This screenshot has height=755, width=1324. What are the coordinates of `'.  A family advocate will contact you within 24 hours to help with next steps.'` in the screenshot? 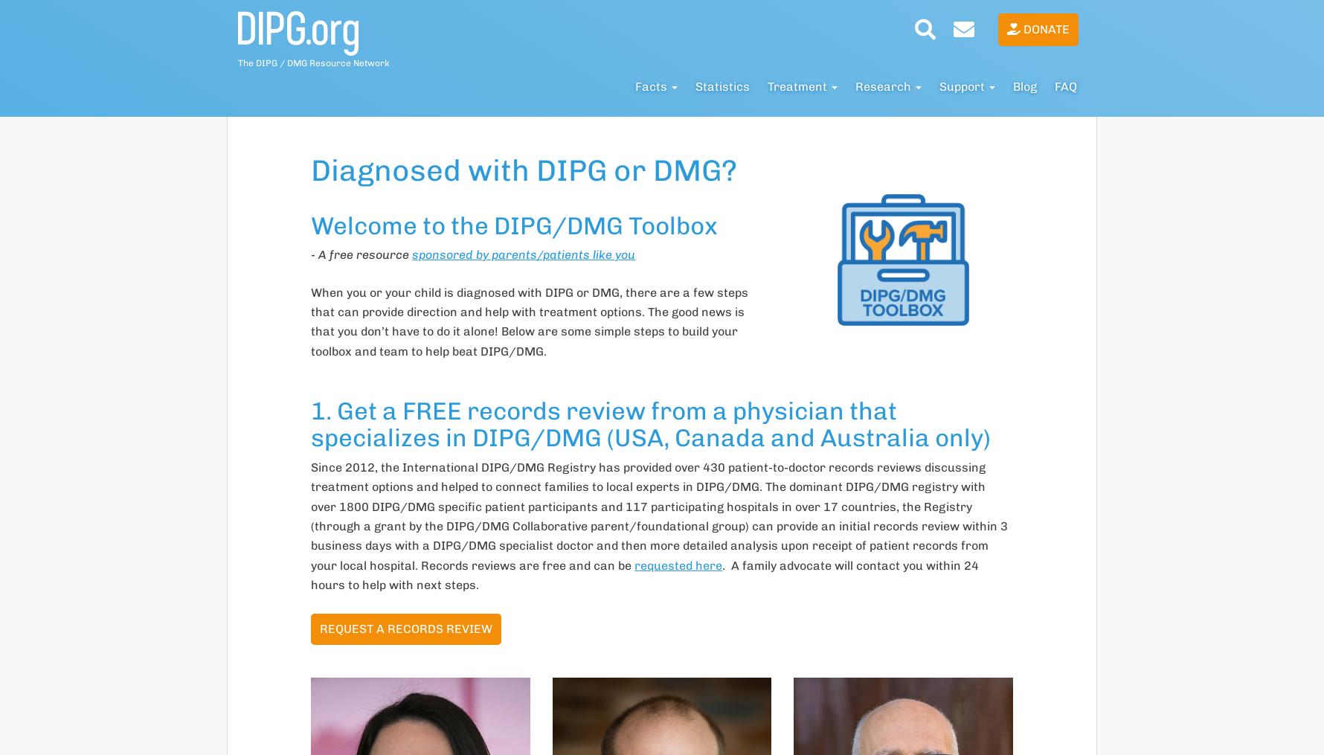 It's located at (644, 574).